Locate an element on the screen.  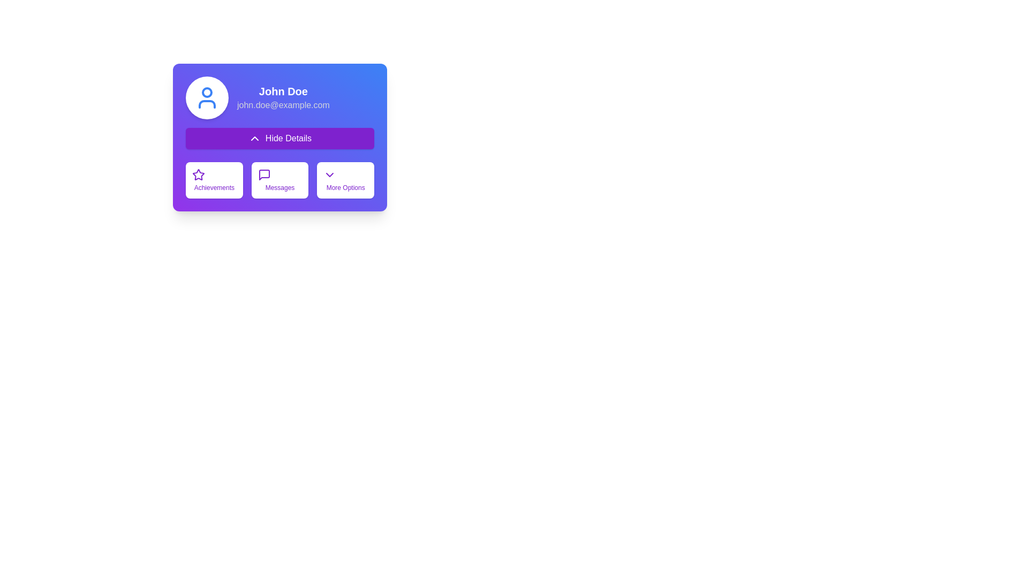
the chevron icon within the 'More Options' button is located at coordinates (329, 174).